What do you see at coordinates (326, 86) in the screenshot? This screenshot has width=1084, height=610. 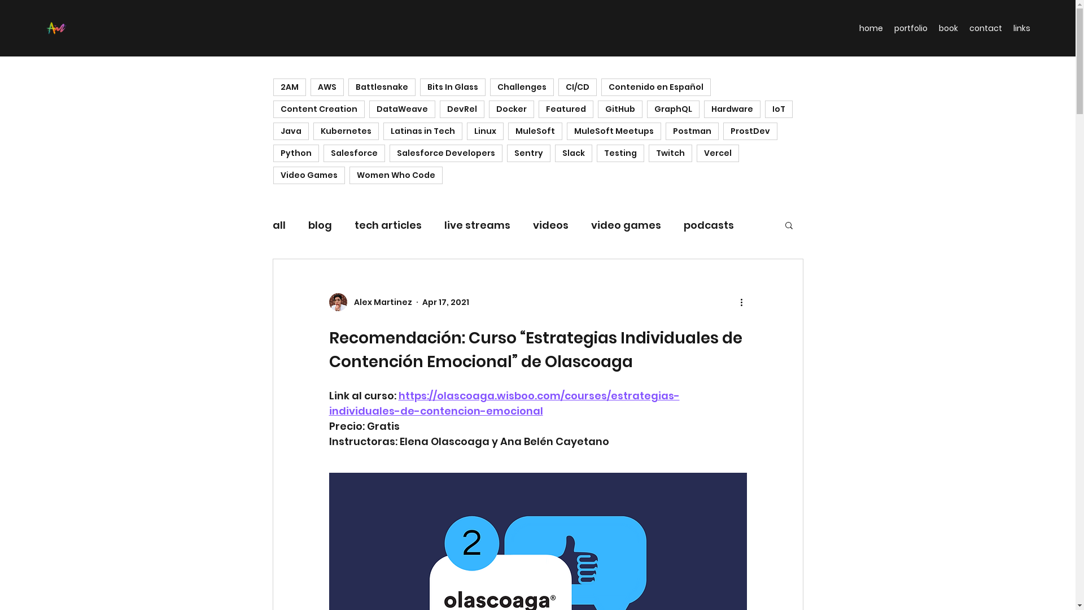 I see `'AWS'` at bounding box center [326, 86].